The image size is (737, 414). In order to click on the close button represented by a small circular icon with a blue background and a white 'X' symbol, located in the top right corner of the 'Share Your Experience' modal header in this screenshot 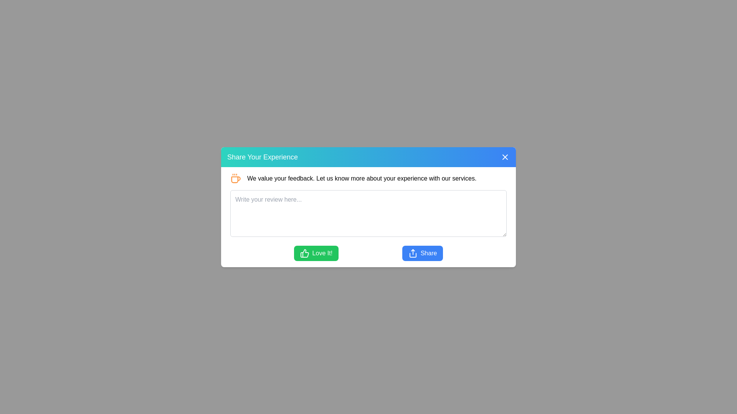, I will do `click(505, 156)`.